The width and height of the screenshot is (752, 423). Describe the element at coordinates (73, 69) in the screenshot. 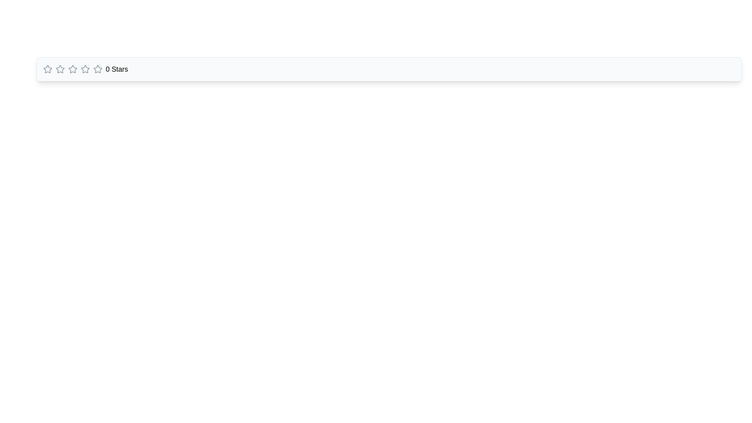

I see `the second star icon in the star rating component to assign a rating` at that location.